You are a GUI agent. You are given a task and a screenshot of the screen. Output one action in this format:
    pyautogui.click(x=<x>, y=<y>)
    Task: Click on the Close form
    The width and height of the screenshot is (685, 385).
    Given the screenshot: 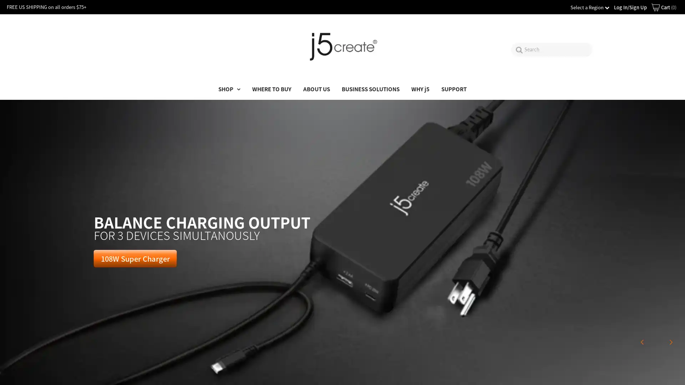 What is the action you would take?
    pyautogui.click(x=416, y=125)
    